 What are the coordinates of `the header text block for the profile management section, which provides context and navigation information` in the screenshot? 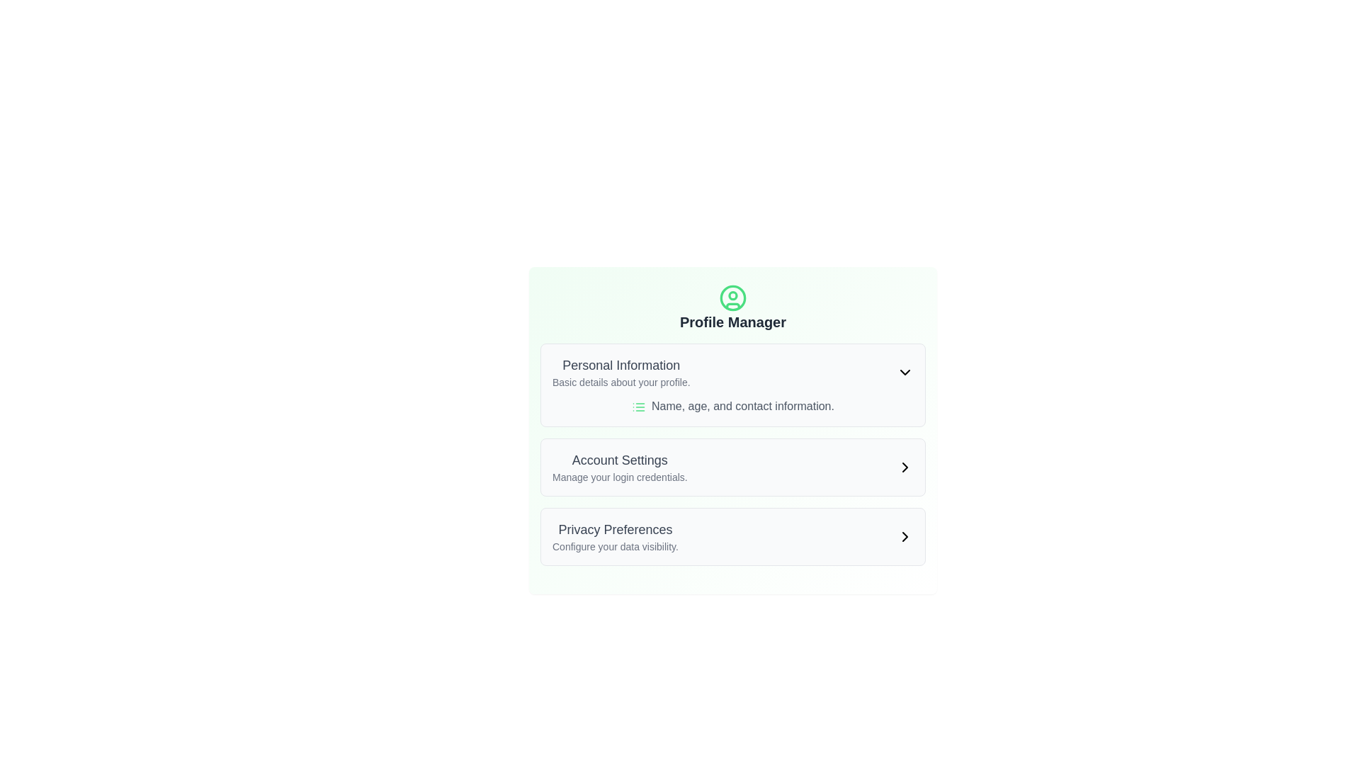 It's located at (733, 307).